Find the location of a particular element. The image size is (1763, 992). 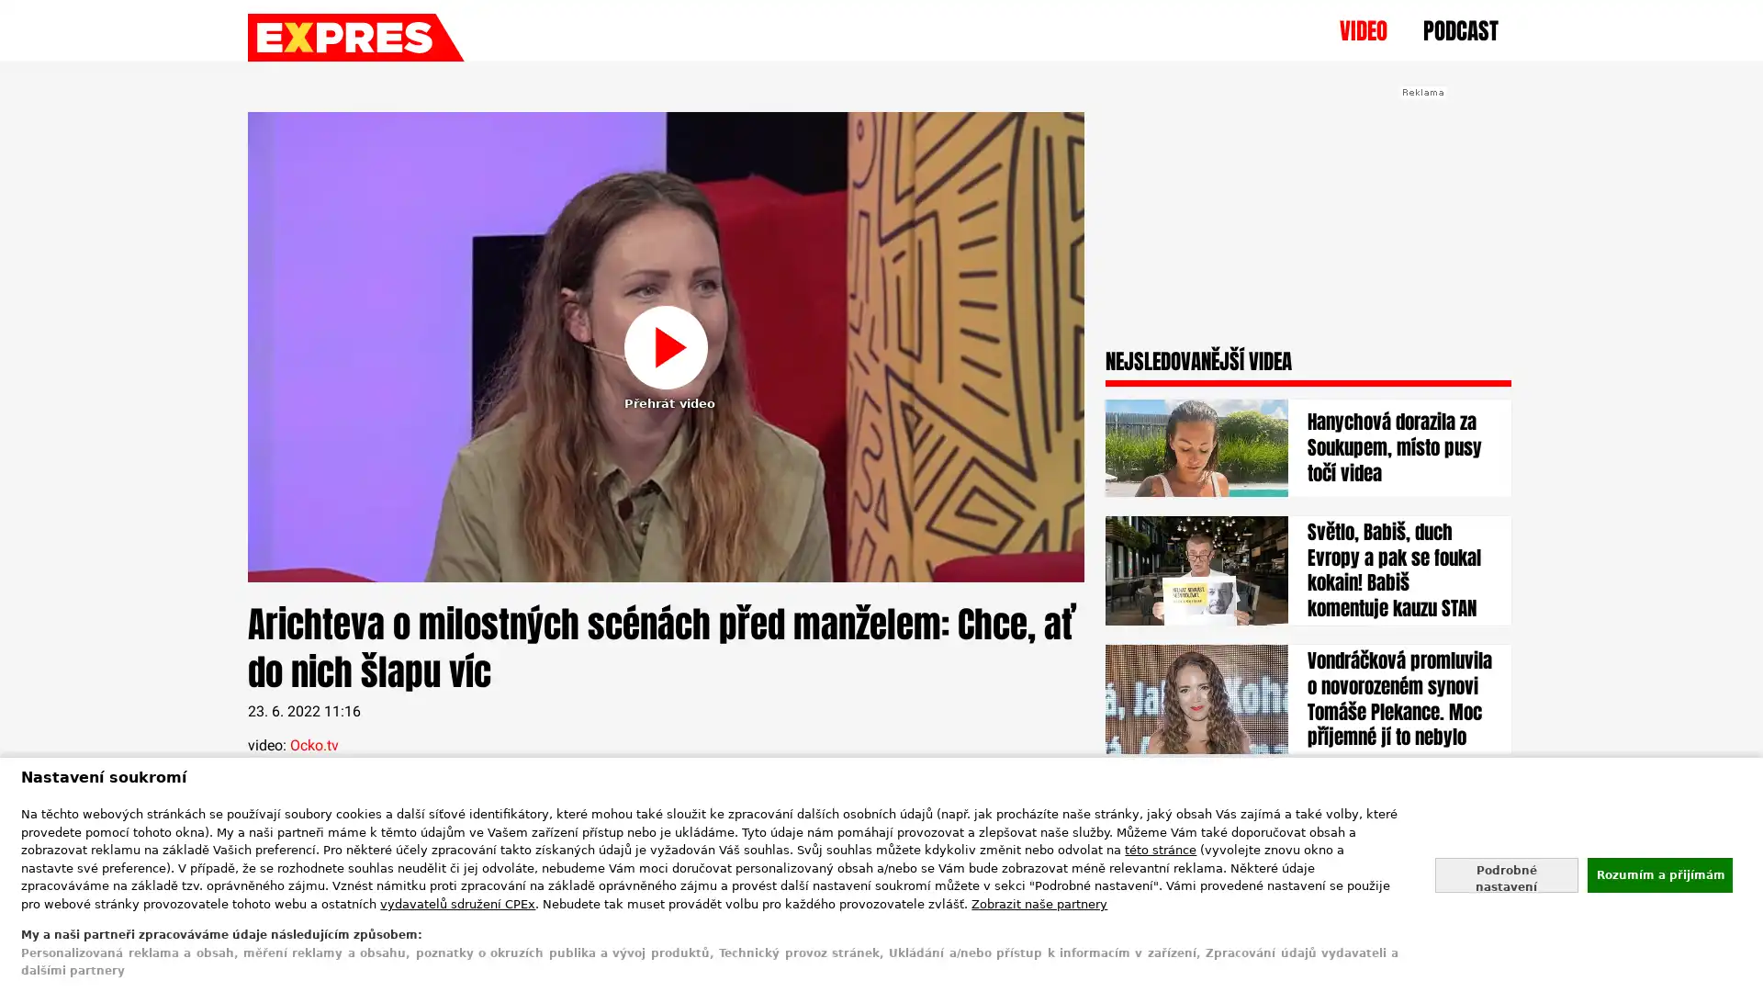

Nastavte sve souhlasy is located at coordinates (1506, 874).